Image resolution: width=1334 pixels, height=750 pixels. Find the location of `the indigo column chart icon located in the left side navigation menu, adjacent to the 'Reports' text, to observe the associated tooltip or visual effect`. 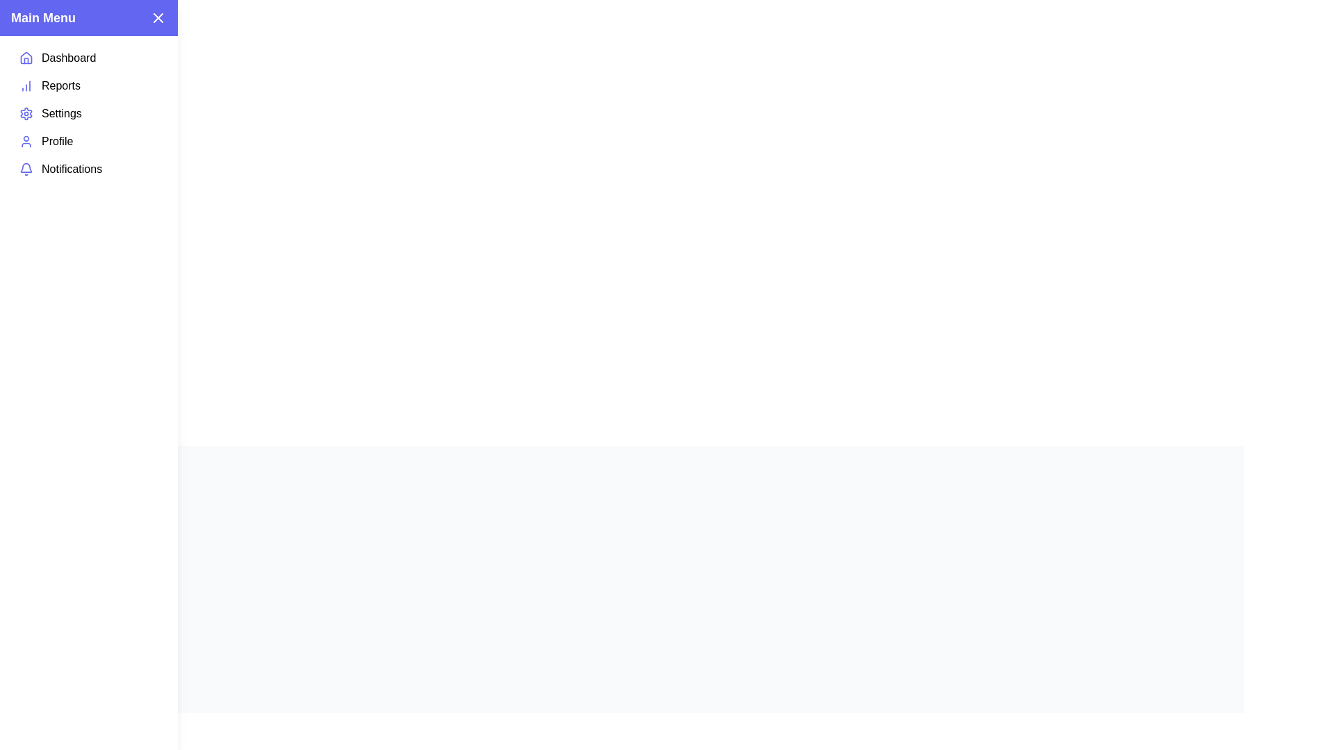

the indigo column chart icon located in the left side navigation menu, adjacent to the 'Reports' text, to observe the associated tooltip or visual effect is located at coordinates (26, 85).